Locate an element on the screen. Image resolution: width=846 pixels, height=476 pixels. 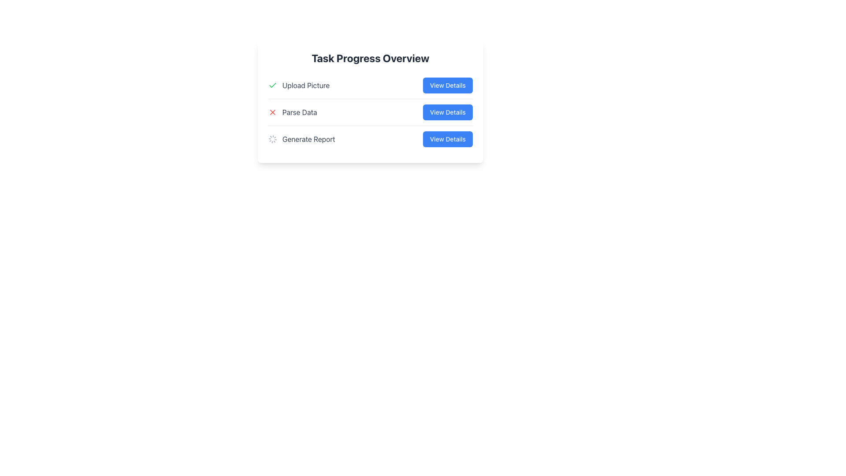
the error icon located to the left of the 'Parse Data' text, which serves as a visual indicator for unsuccessful states is located at coordinates (272, 112).